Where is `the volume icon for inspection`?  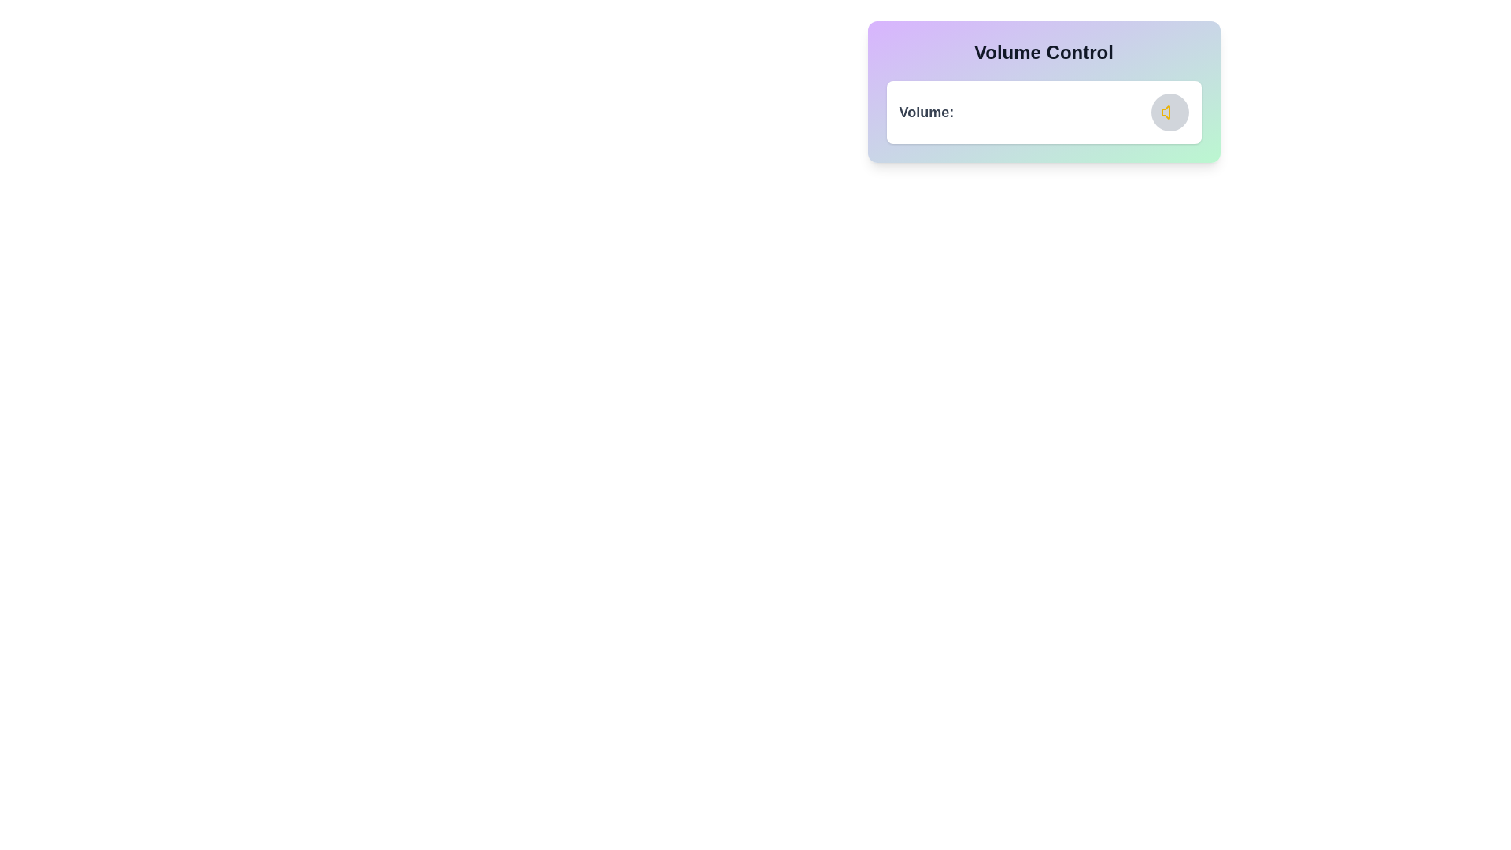 the volume icon for inspection is located at coordinates (1169, 111).